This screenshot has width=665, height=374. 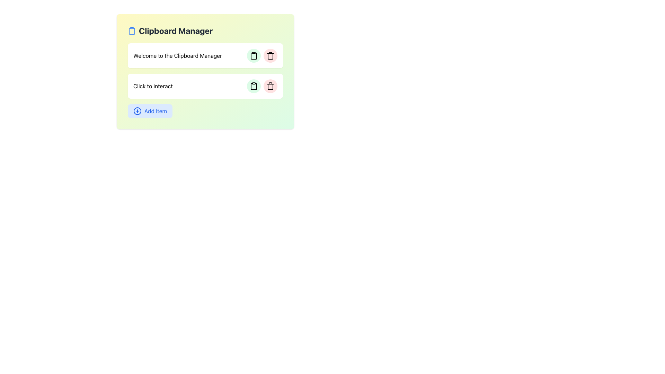 What do you see at coordinates (254, 86) in the screenshot?
I see `the clipboard icon button, which is black and enclosed in a circular light green background` at bounding box center [254, 86].